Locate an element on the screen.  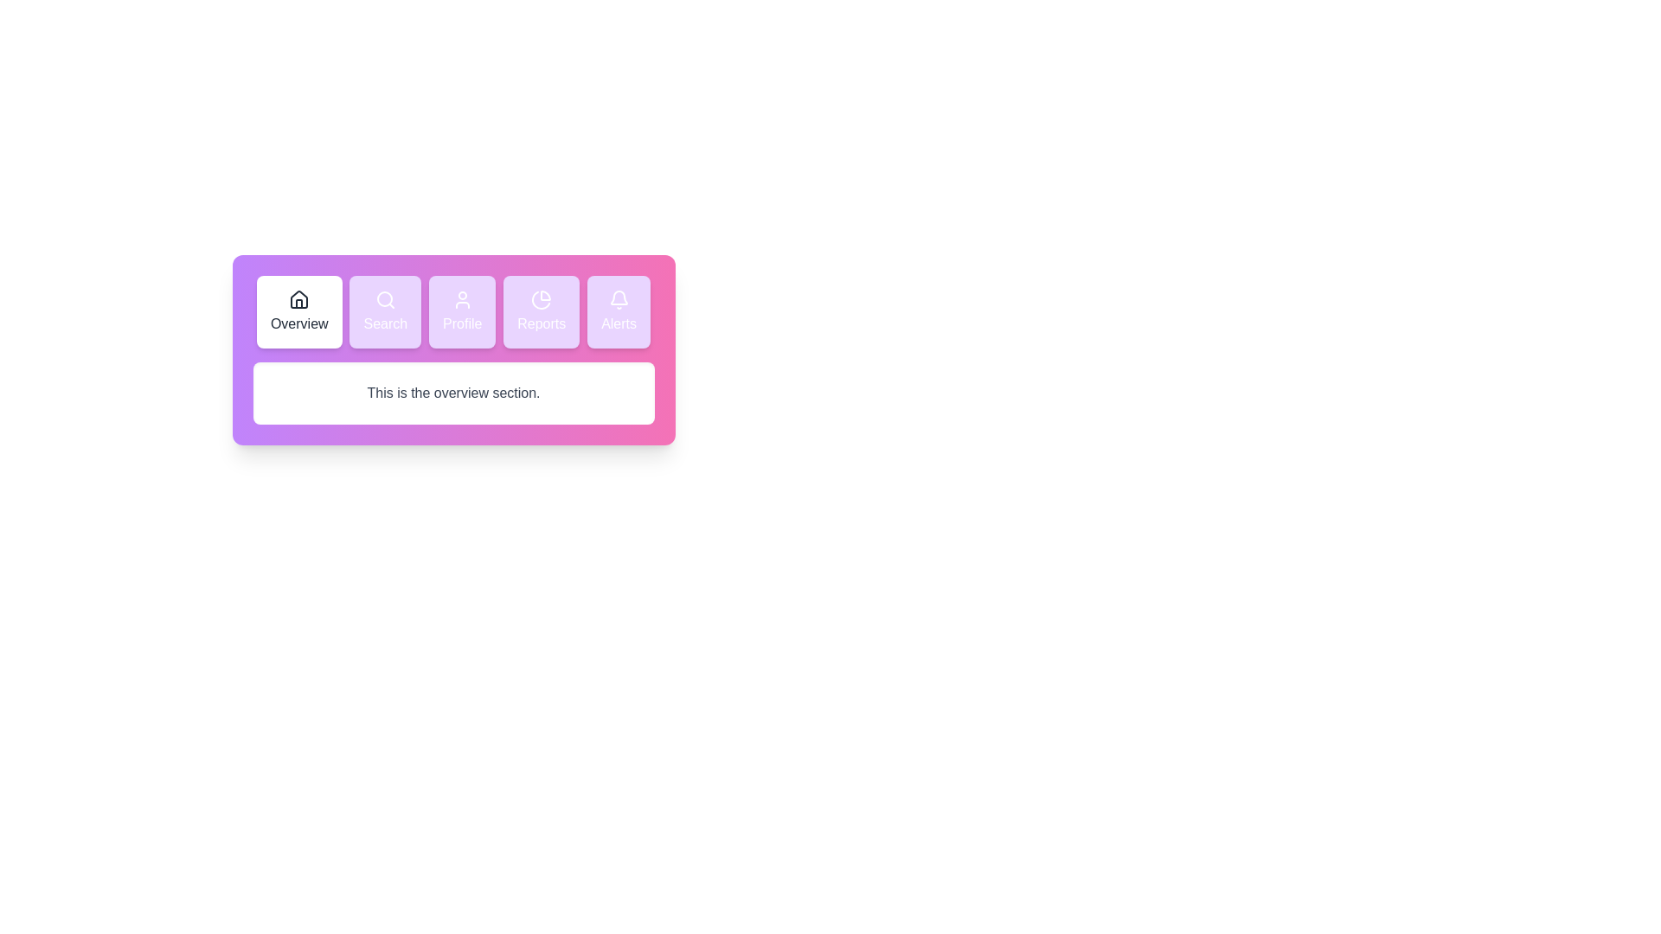
the 'Profile' text label, which indicates the navigation option for accessing the user's profile page, positioned below the user icon and between 'Search' and 'Reports' is located at coordinates (462, 323).